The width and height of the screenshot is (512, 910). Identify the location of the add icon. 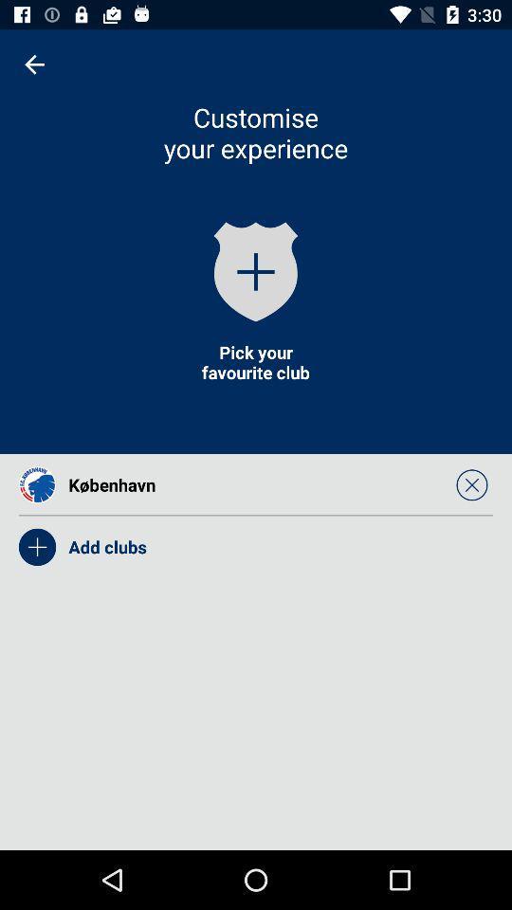
(256, 270).